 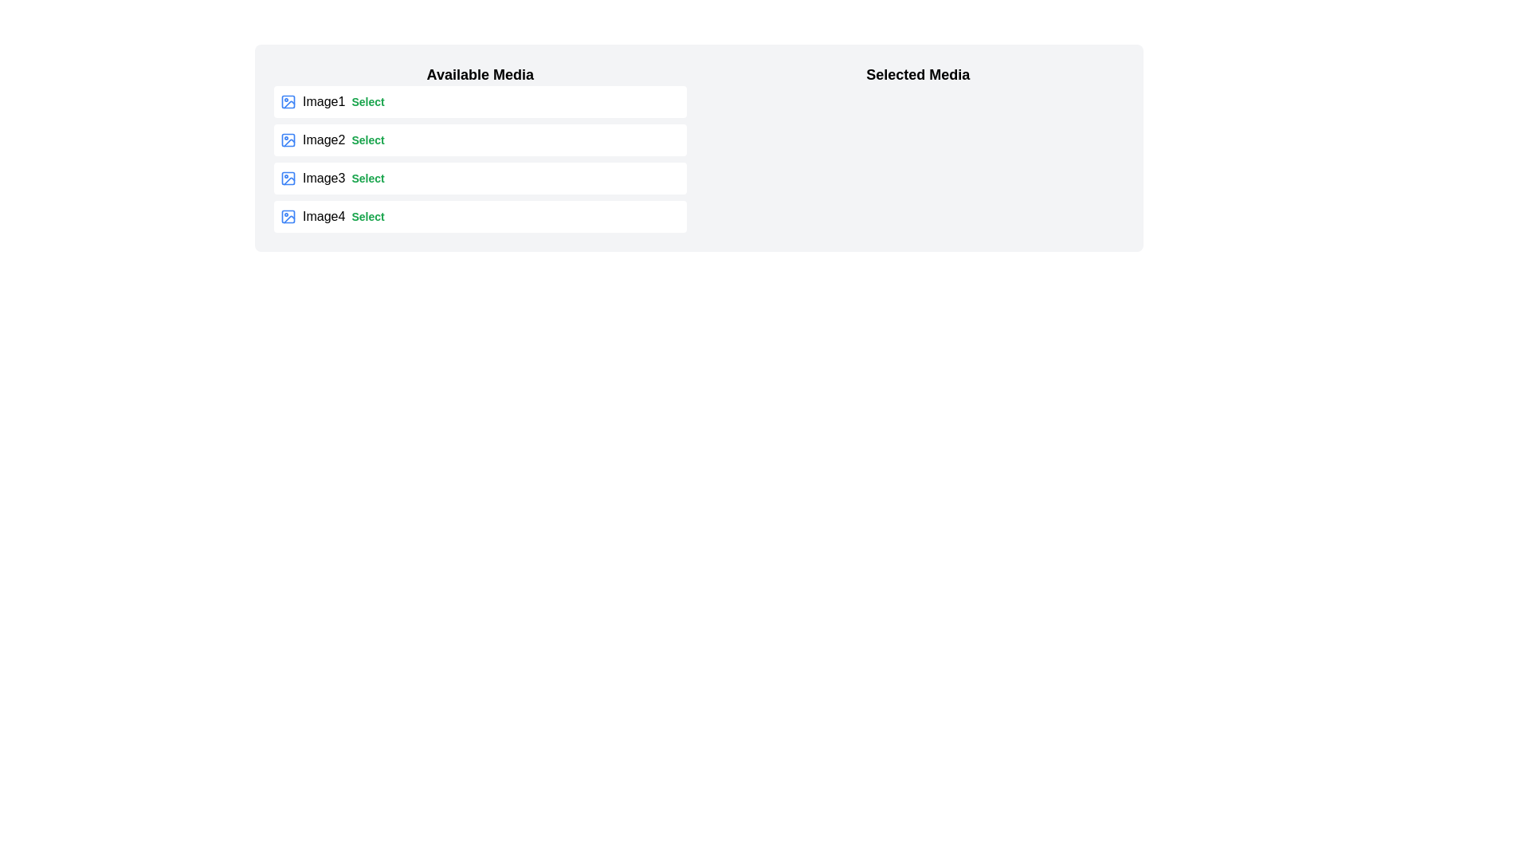 I want to click on the 'Select' interactive button label, which is a green, bold, underlined text located at the far right of the option row containing 'Image4', so click(x=367, y=217).